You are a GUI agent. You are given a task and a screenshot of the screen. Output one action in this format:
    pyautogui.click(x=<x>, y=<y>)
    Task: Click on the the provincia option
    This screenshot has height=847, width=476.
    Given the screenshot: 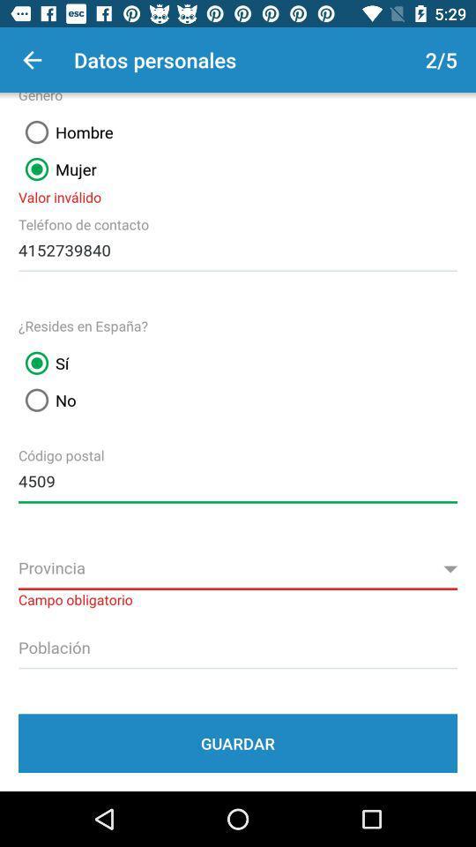 What is the action you would take?
    pyautogui.click(x=238, y=568)
    